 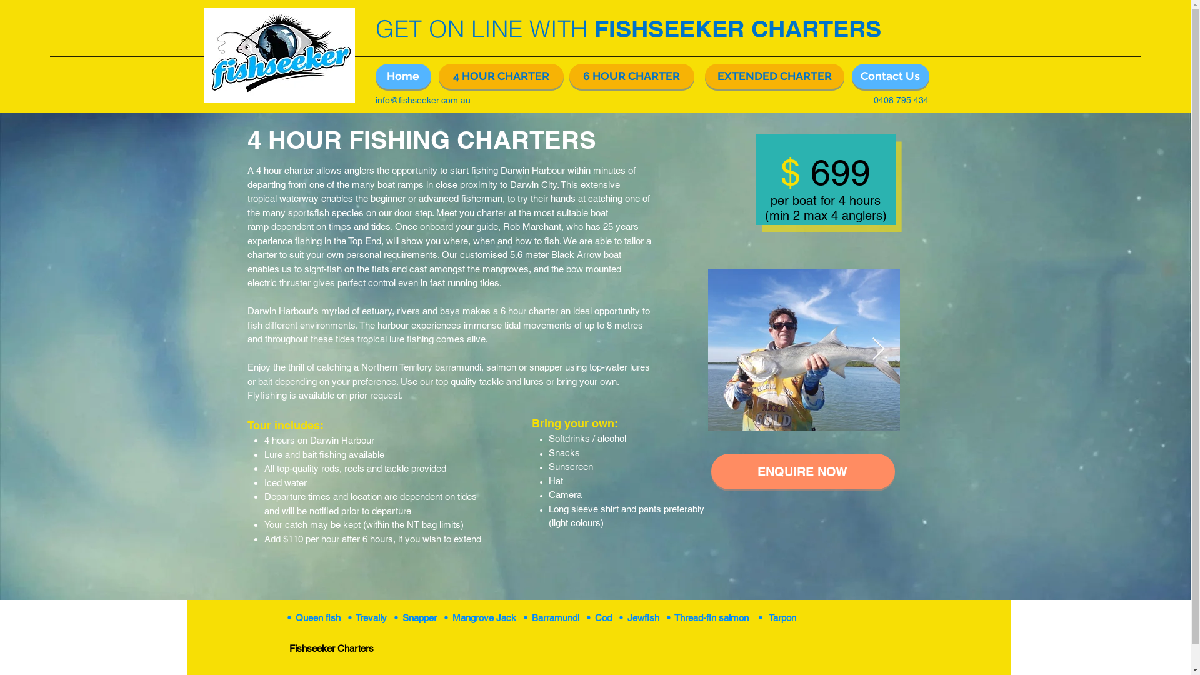 What do you see at coordinates (631, 76) in the screenshot?
I see `'6 HOUR CHARTER'` at bounding box center [631, 76].